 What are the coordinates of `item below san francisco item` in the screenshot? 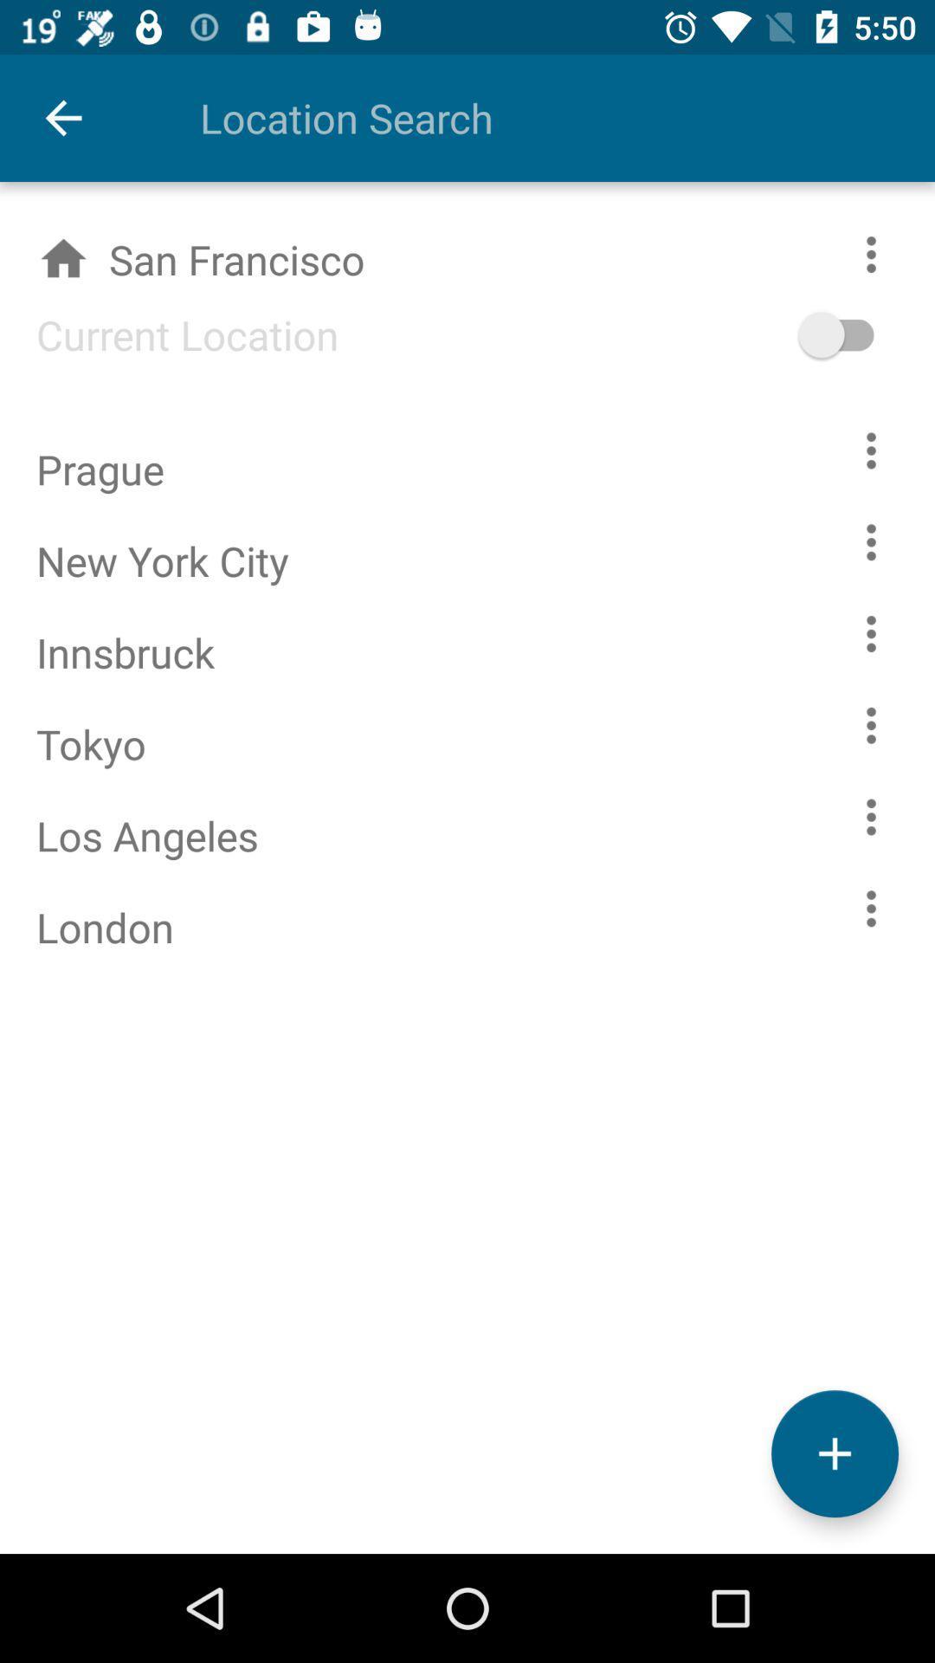 It's located at (169, 334).